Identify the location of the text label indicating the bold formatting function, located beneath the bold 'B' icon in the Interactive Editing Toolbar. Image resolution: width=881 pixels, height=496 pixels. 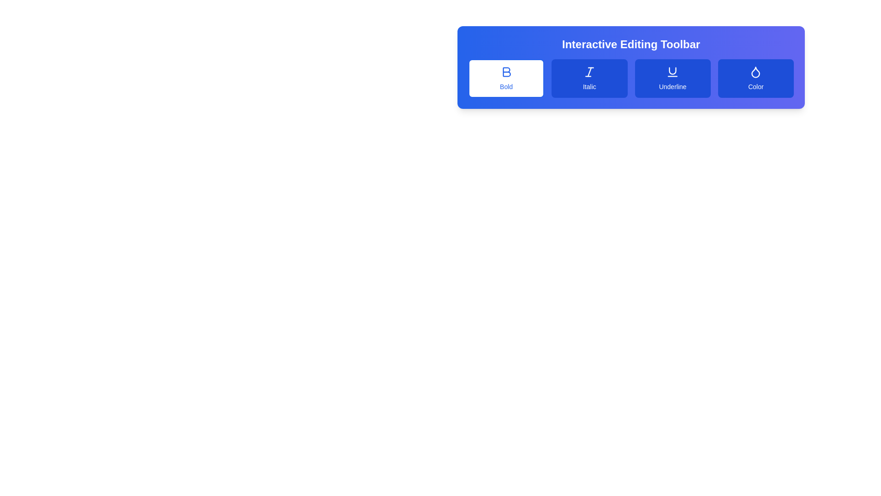
(506, 87).